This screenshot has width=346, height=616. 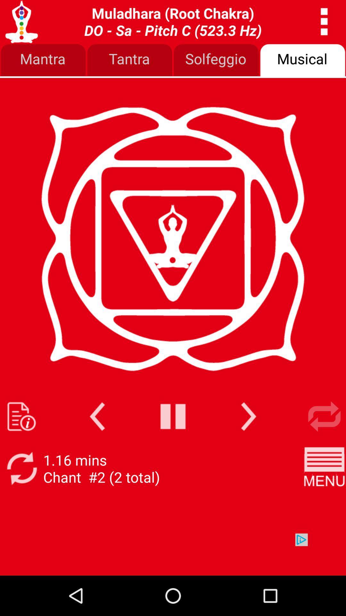 What do you see at coordinates (43, 60) in the screenshot?
I see `icon to the left of tantra button` at bounding box center [43, 60].